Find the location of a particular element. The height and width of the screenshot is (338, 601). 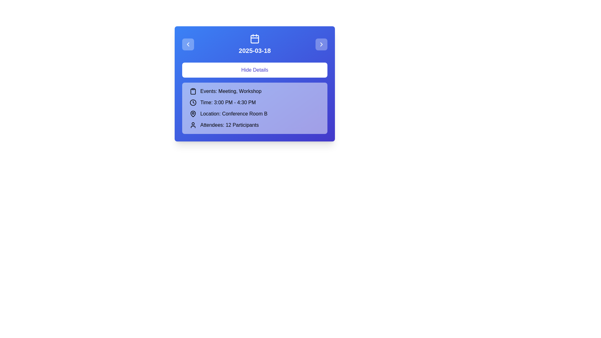

the Information label with icon that indicates the number of attendees for an event, located at the bottom-most section under 'Location: Conference Room B' is located at coordinates (255, 125).